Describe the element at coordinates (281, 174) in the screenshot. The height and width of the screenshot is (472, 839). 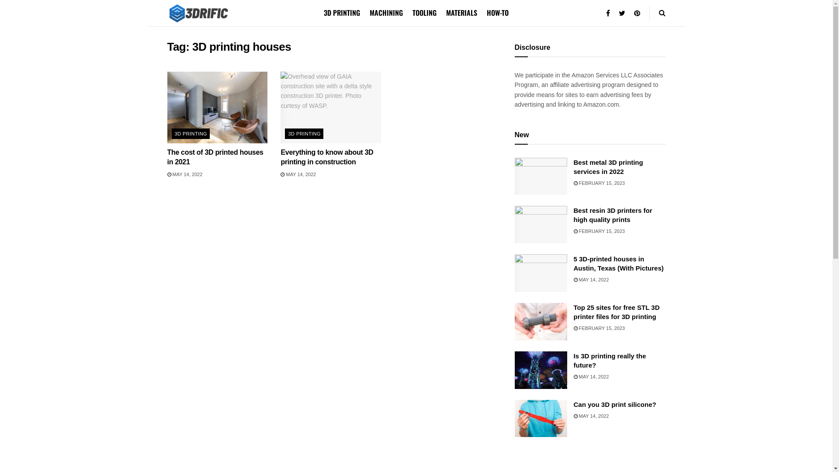
I see `'MAY 14, 2022'` at that location.